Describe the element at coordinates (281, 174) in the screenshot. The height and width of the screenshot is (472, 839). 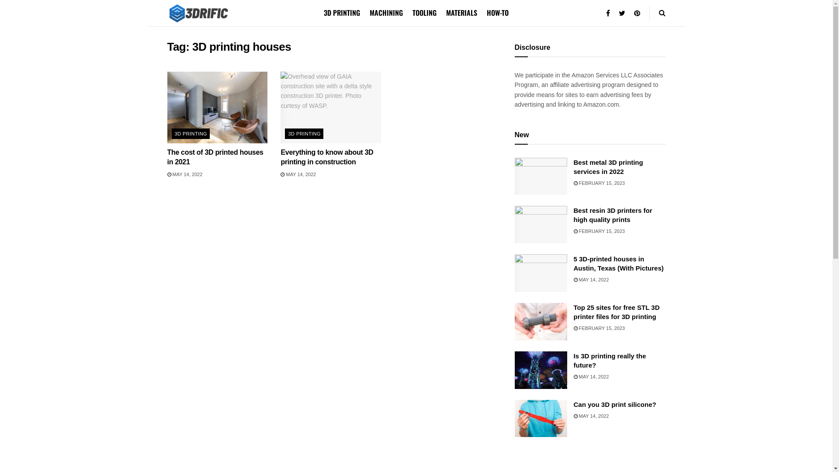
I see `'MAY 14, 2022'` at that location.